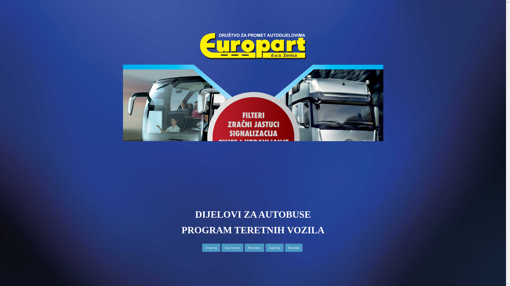 The height and width of the screenshot is (286, 510). What do you see at coordinates (211, 248) in the screenshot?
I see `'O nama'` at bounding box center [211, 248].